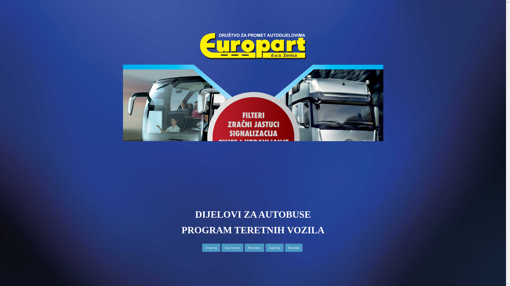 The height and width of the screenshot is (286, 510). What do you see at coordinates (211, 248) in the screenshot?
I see `'O nama'` at bounding box center [211, 248].